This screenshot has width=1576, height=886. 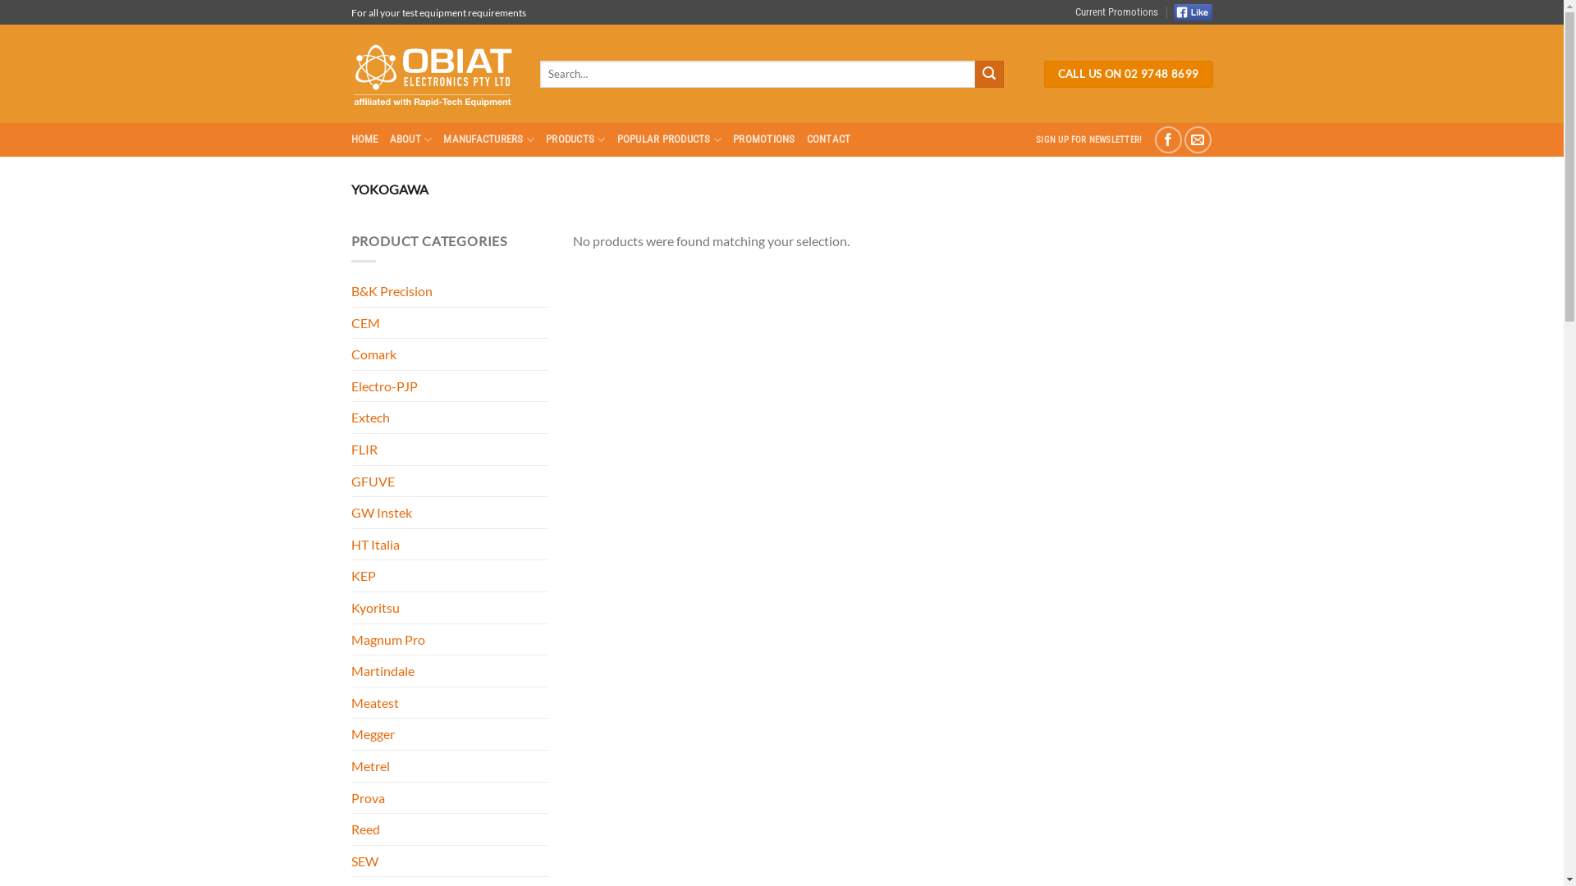 I want to click on 'CALL US ON 02 9748 8699', so click(x=1127, y=75).